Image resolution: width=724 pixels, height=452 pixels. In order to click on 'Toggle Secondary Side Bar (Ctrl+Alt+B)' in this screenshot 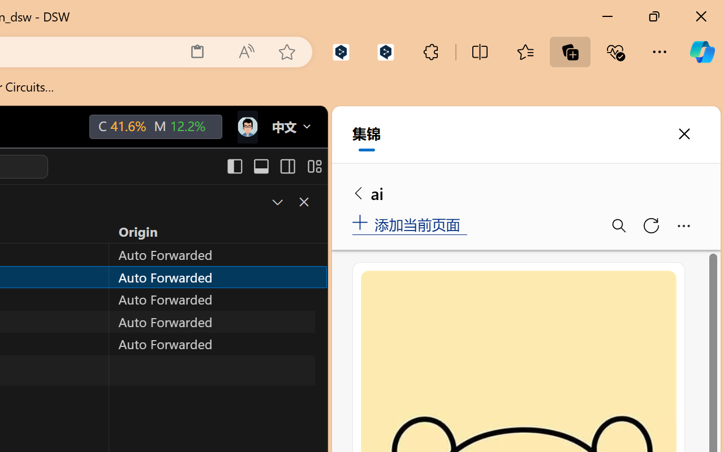, I will do `click(286, 166)`.